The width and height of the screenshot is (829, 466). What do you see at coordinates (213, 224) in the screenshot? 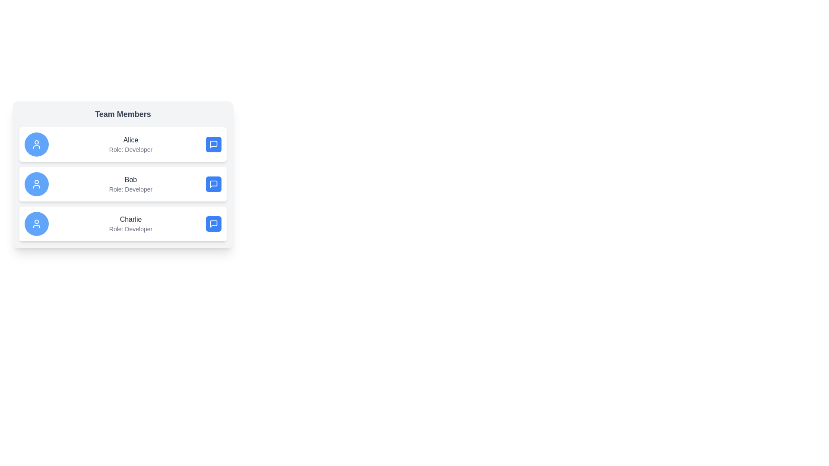
I see `the icon button located in the third row of the 'Team Members' list next to Charlie's name` at bounding box center [213, 224].